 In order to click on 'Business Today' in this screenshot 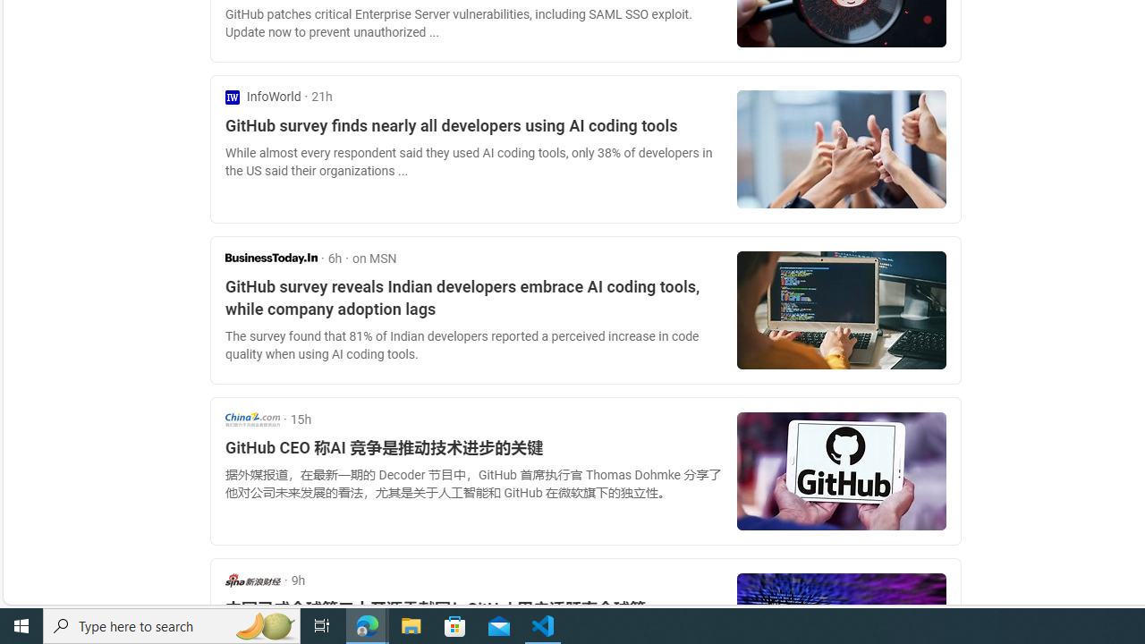, I will do `click(270, 258)`.